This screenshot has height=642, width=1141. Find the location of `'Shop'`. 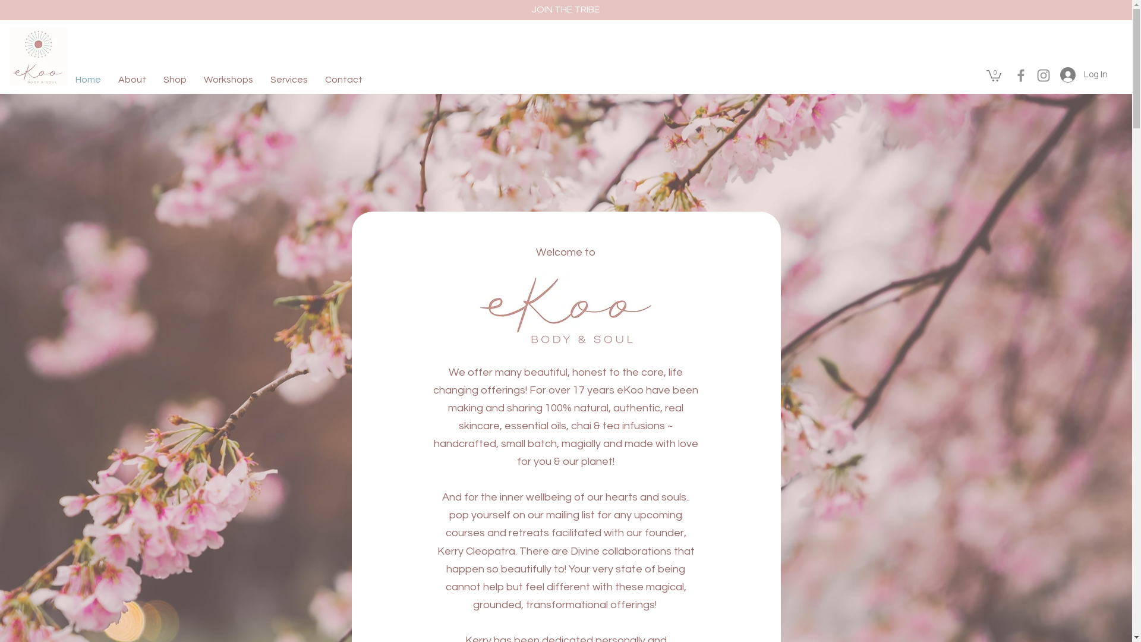

'Shop' is located at coordinates (177, 80).